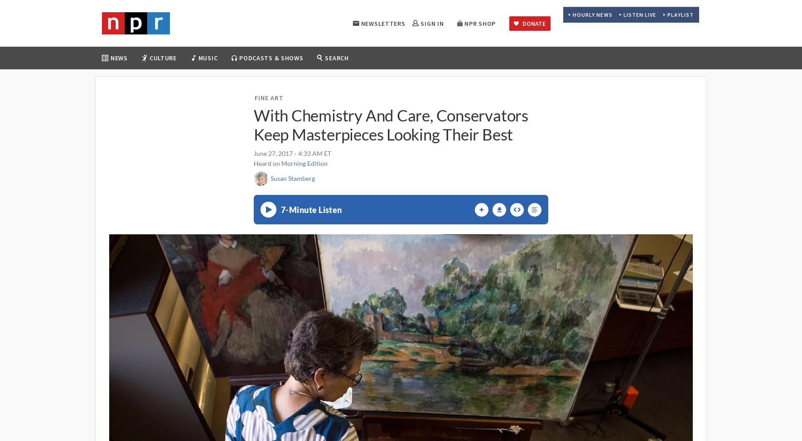 Image resolution: width=802 pixels, height=441 pixels. What do you see at coordinates (154, 107) in the screenshot?
I see `'Business'` at bounding box center [154, 107].